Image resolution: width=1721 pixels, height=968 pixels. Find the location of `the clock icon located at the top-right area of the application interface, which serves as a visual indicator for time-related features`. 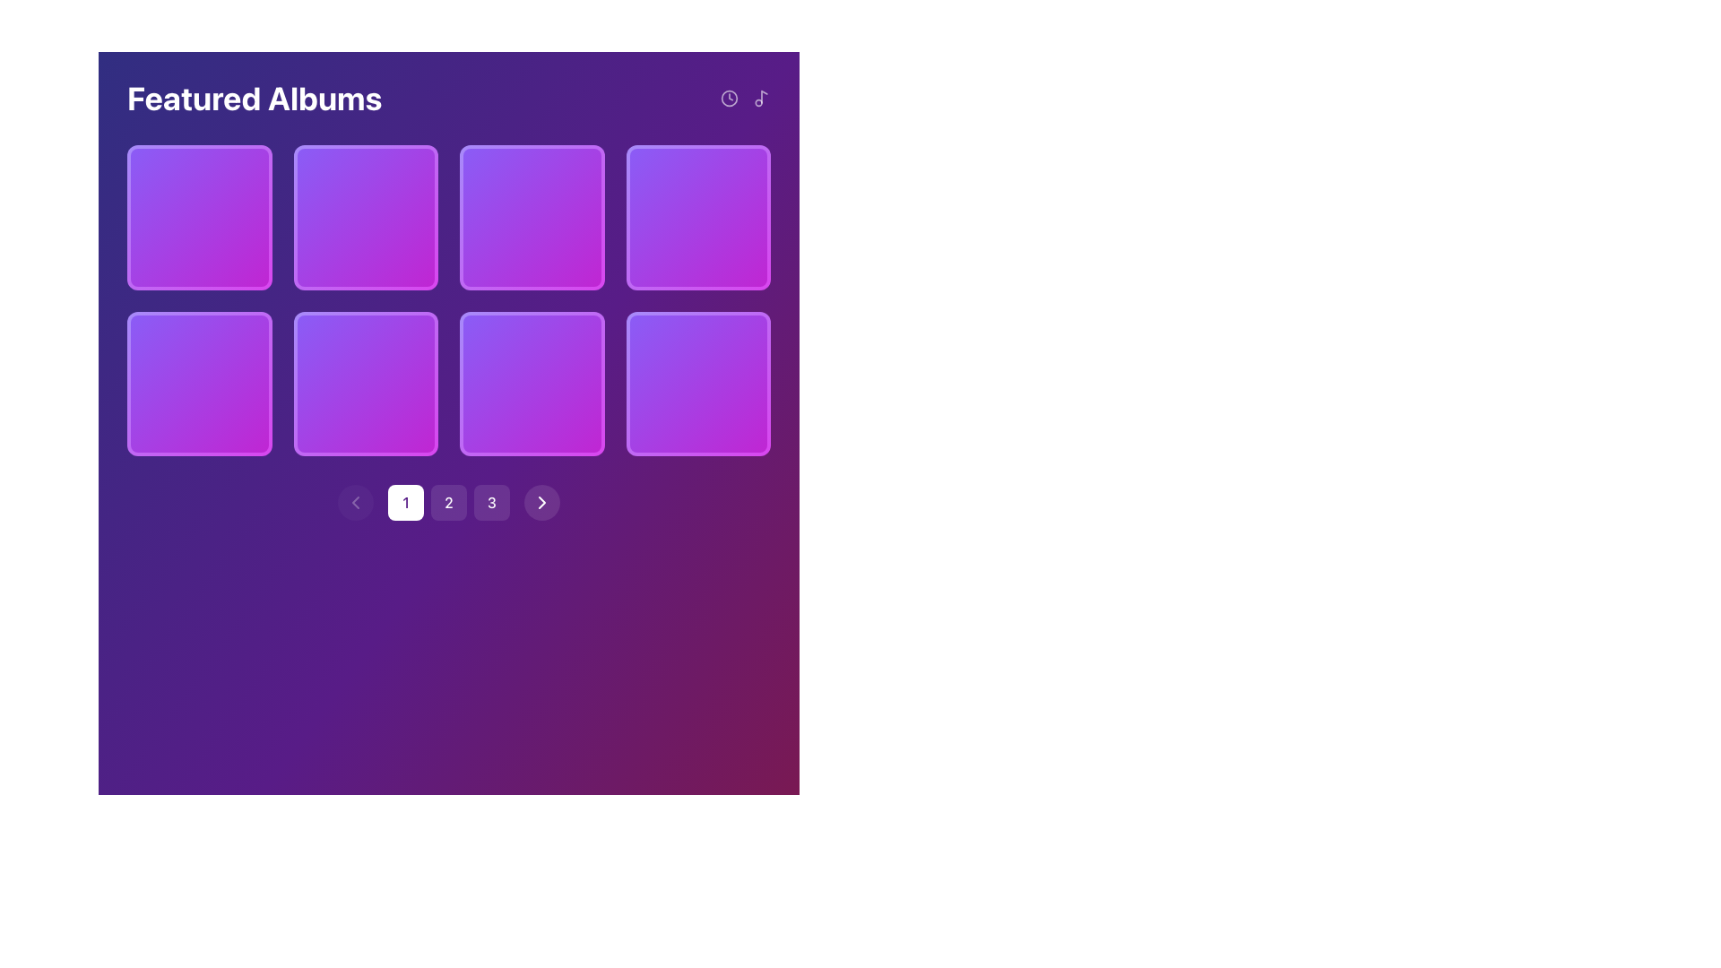

the clock icon located at the top-right area of the application interface, which serves as a visual indicator for time-related features is located at coordinates (730, 99).